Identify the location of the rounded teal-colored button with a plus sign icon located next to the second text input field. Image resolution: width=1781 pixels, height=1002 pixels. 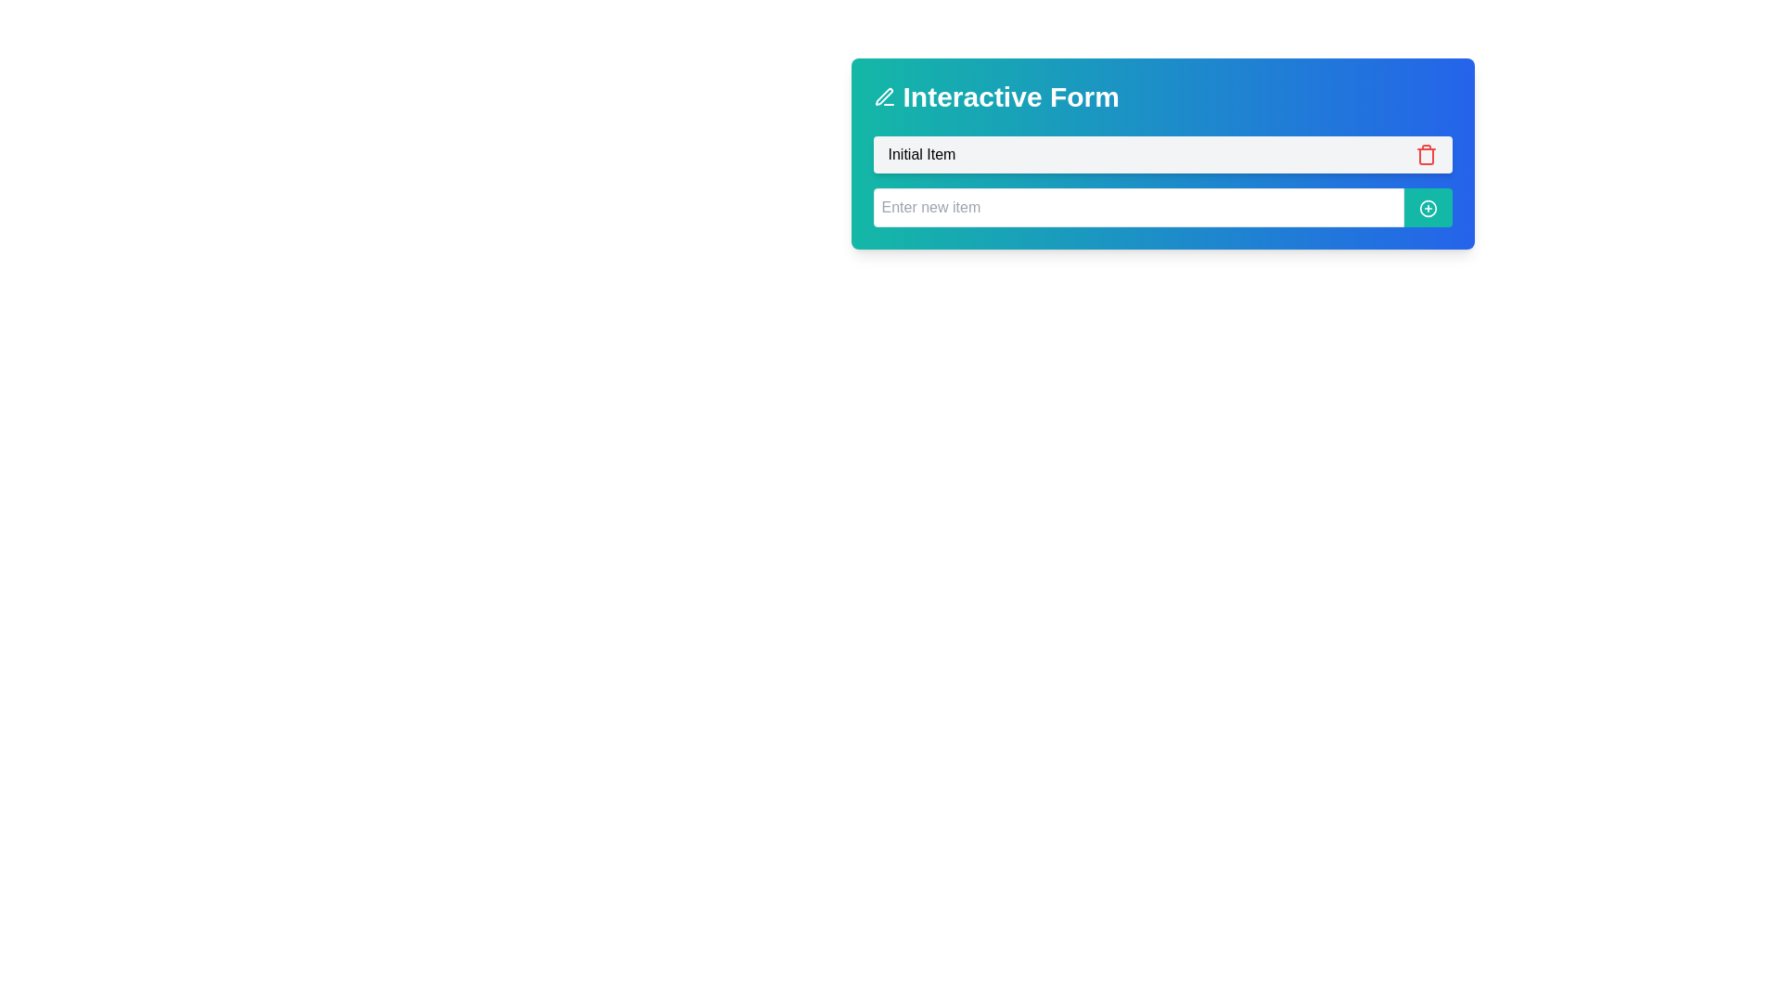
(1427, 207).